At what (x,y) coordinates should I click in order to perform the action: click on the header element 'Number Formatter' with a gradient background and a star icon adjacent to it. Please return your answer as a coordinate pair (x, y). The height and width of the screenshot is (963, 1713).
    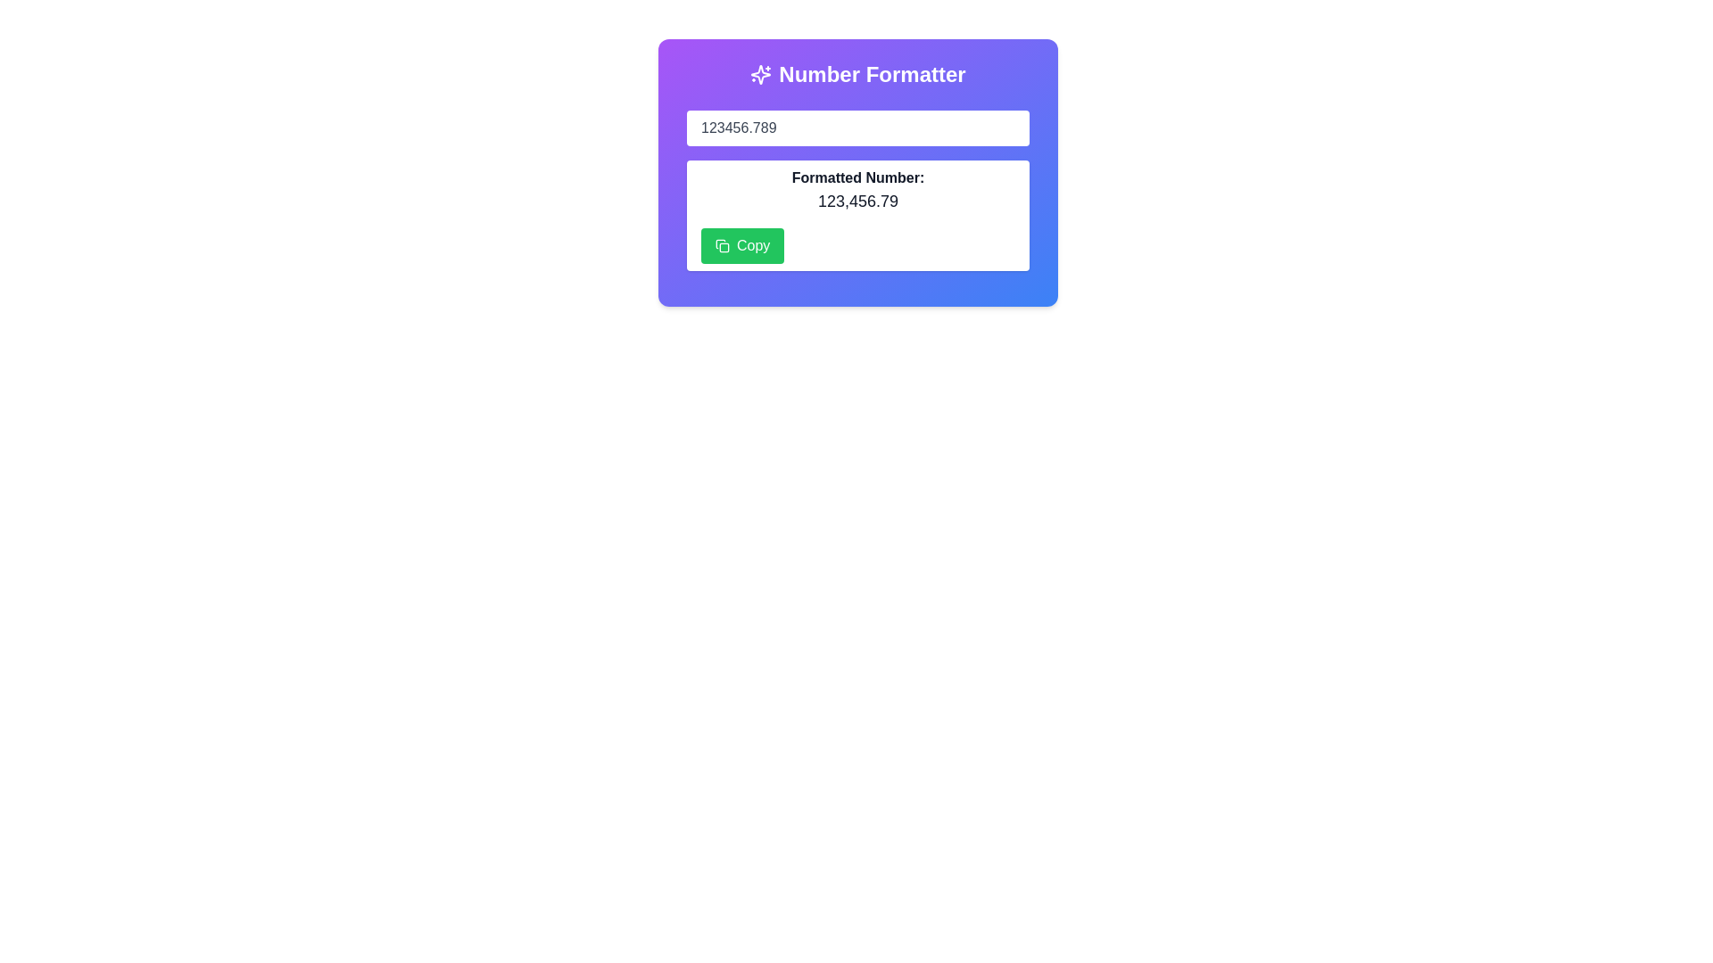
    Looking at the image, I should click on (857, 74).